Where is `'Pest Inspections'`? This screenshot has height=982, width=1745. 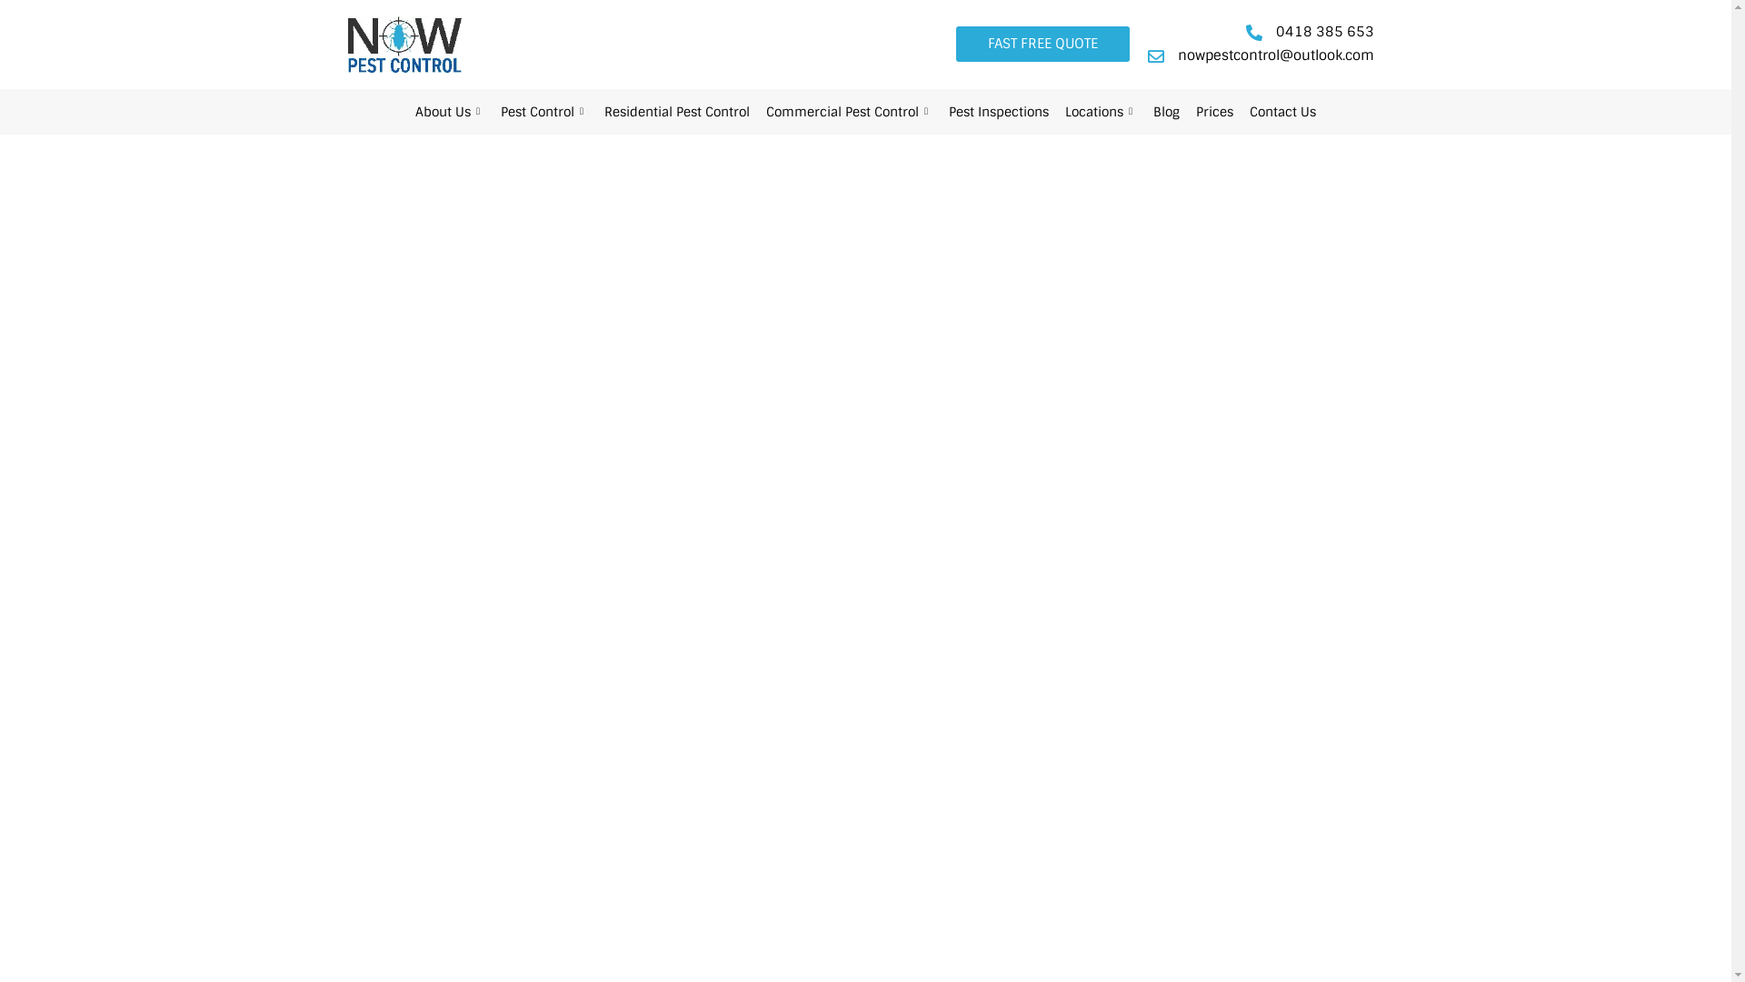
'Pest Inspections' is located at coordinates (941, 112).